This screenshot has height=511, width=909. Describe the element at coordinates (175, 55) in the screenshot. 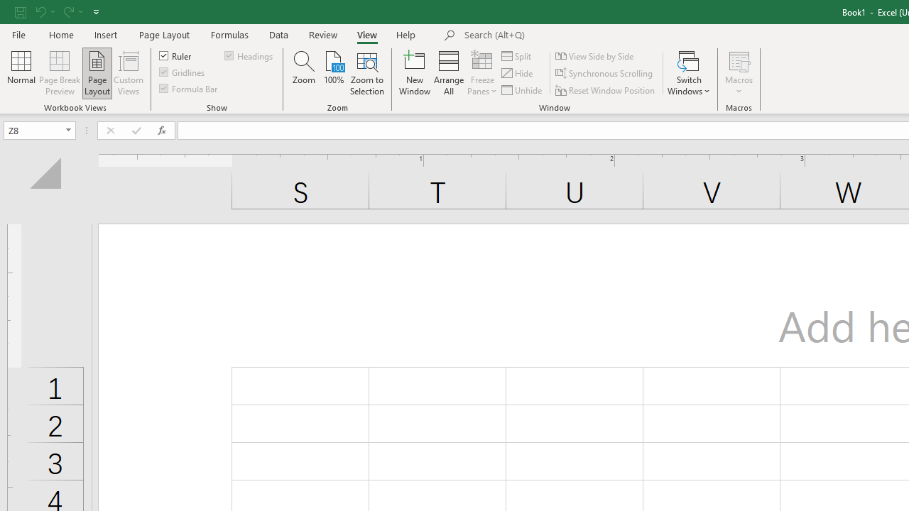

I see `'Ruler'` at that location.